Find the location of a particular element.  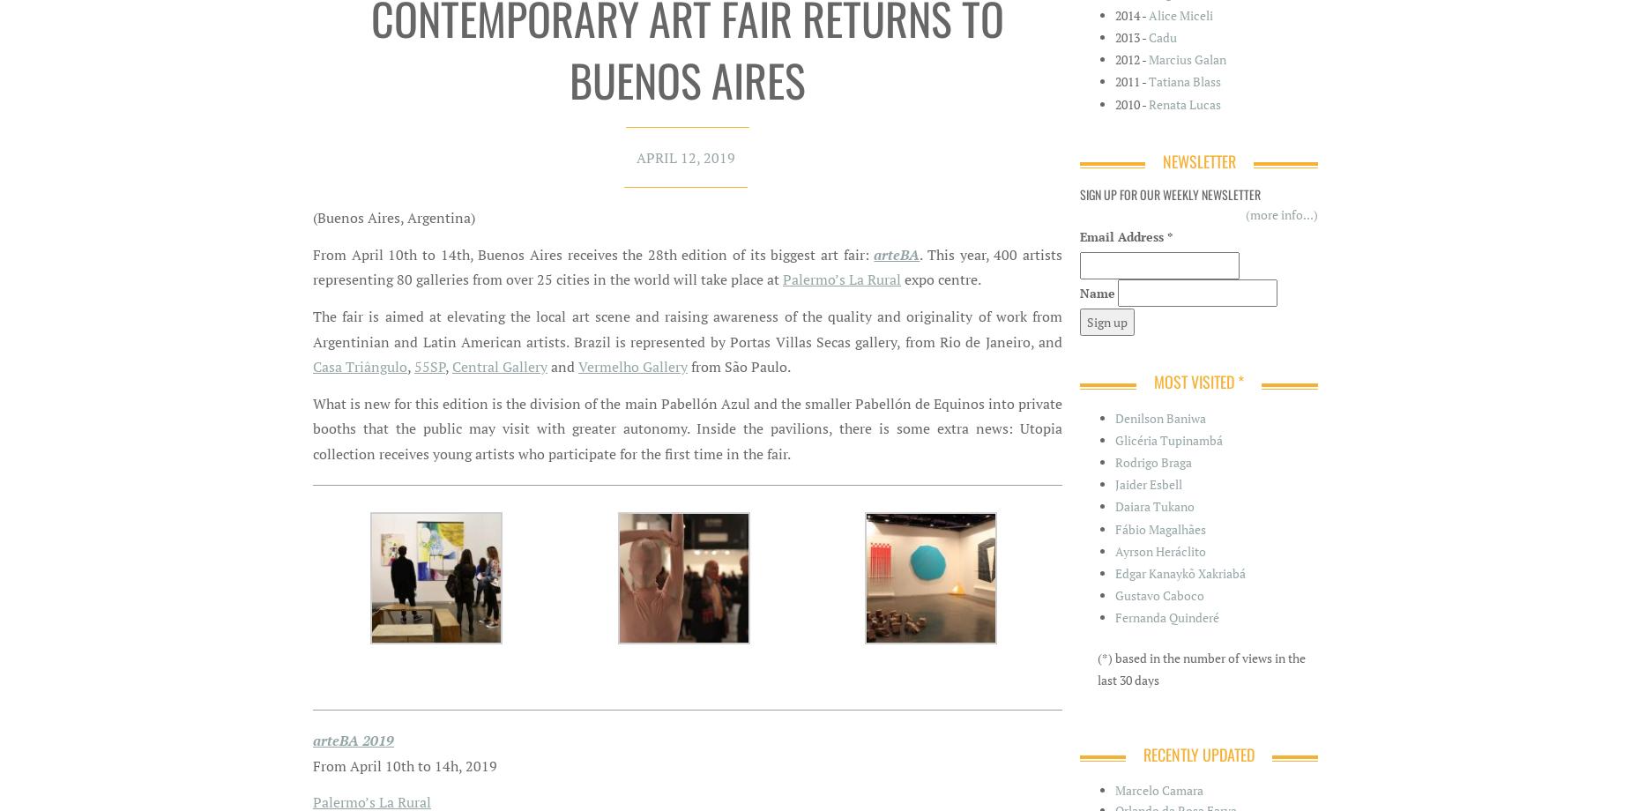

'Denilson Baniwa' is located at coordinates (1114, 417).